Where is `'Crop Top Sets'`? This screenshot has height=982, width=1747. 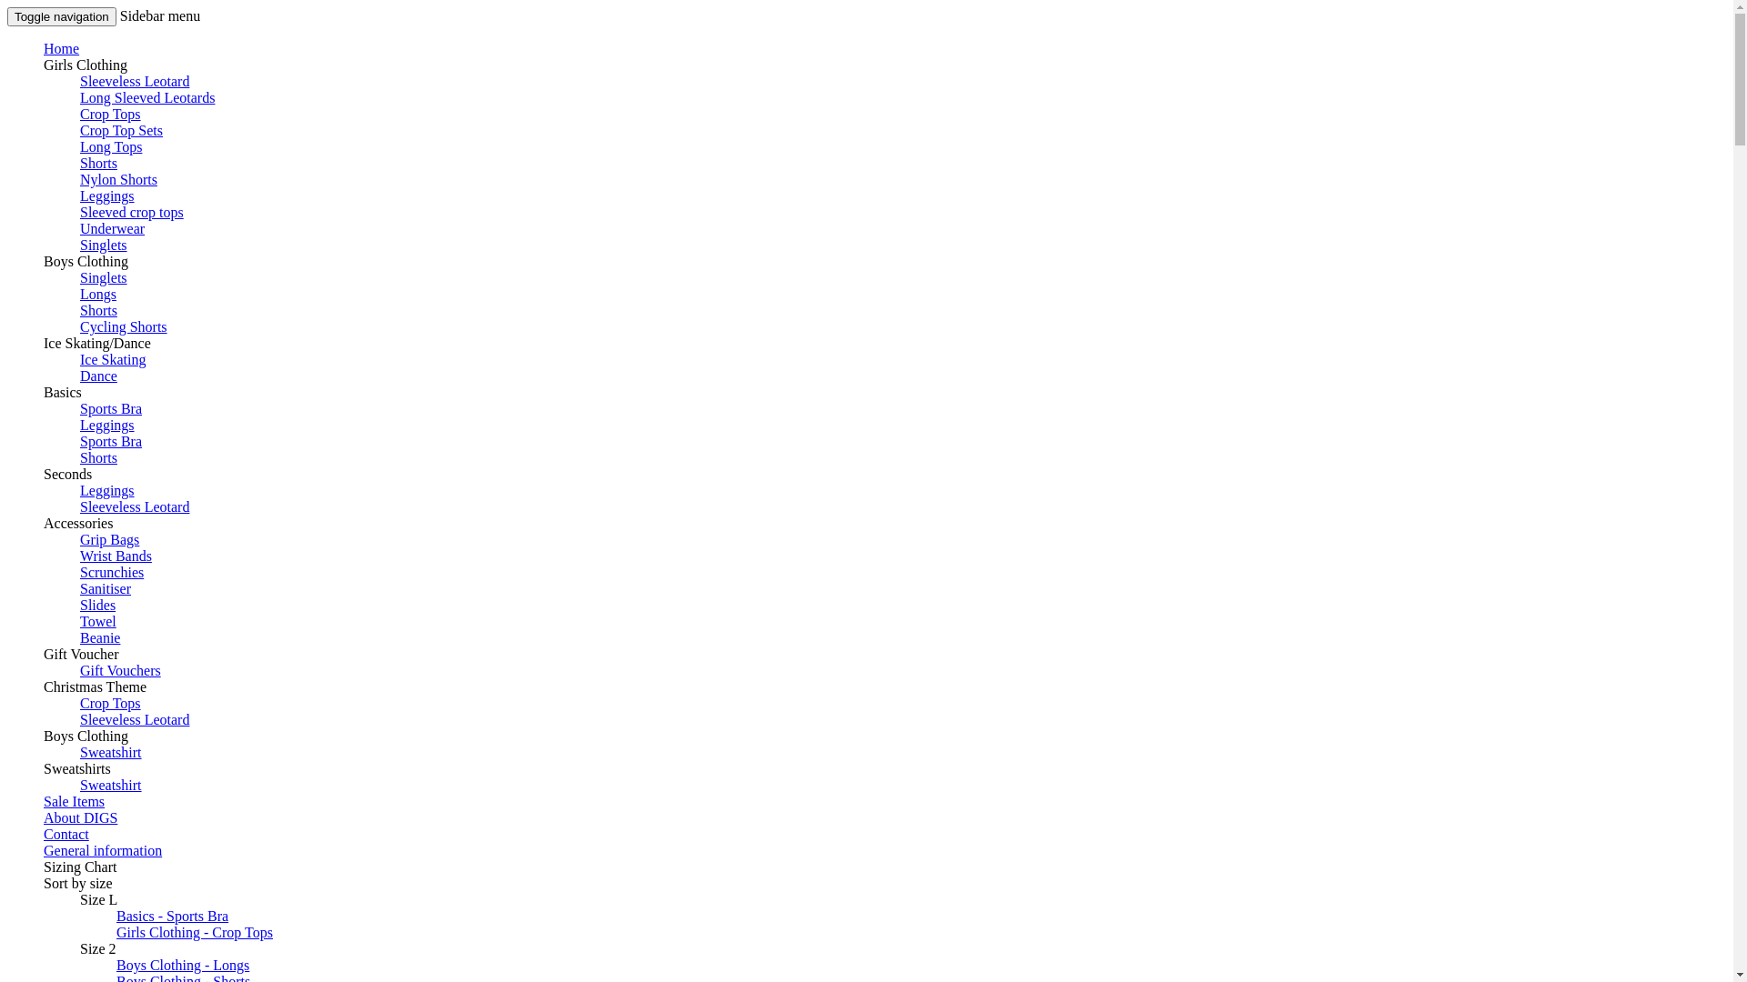 'Crop Top Sets' is located at coordinates (120, 129).